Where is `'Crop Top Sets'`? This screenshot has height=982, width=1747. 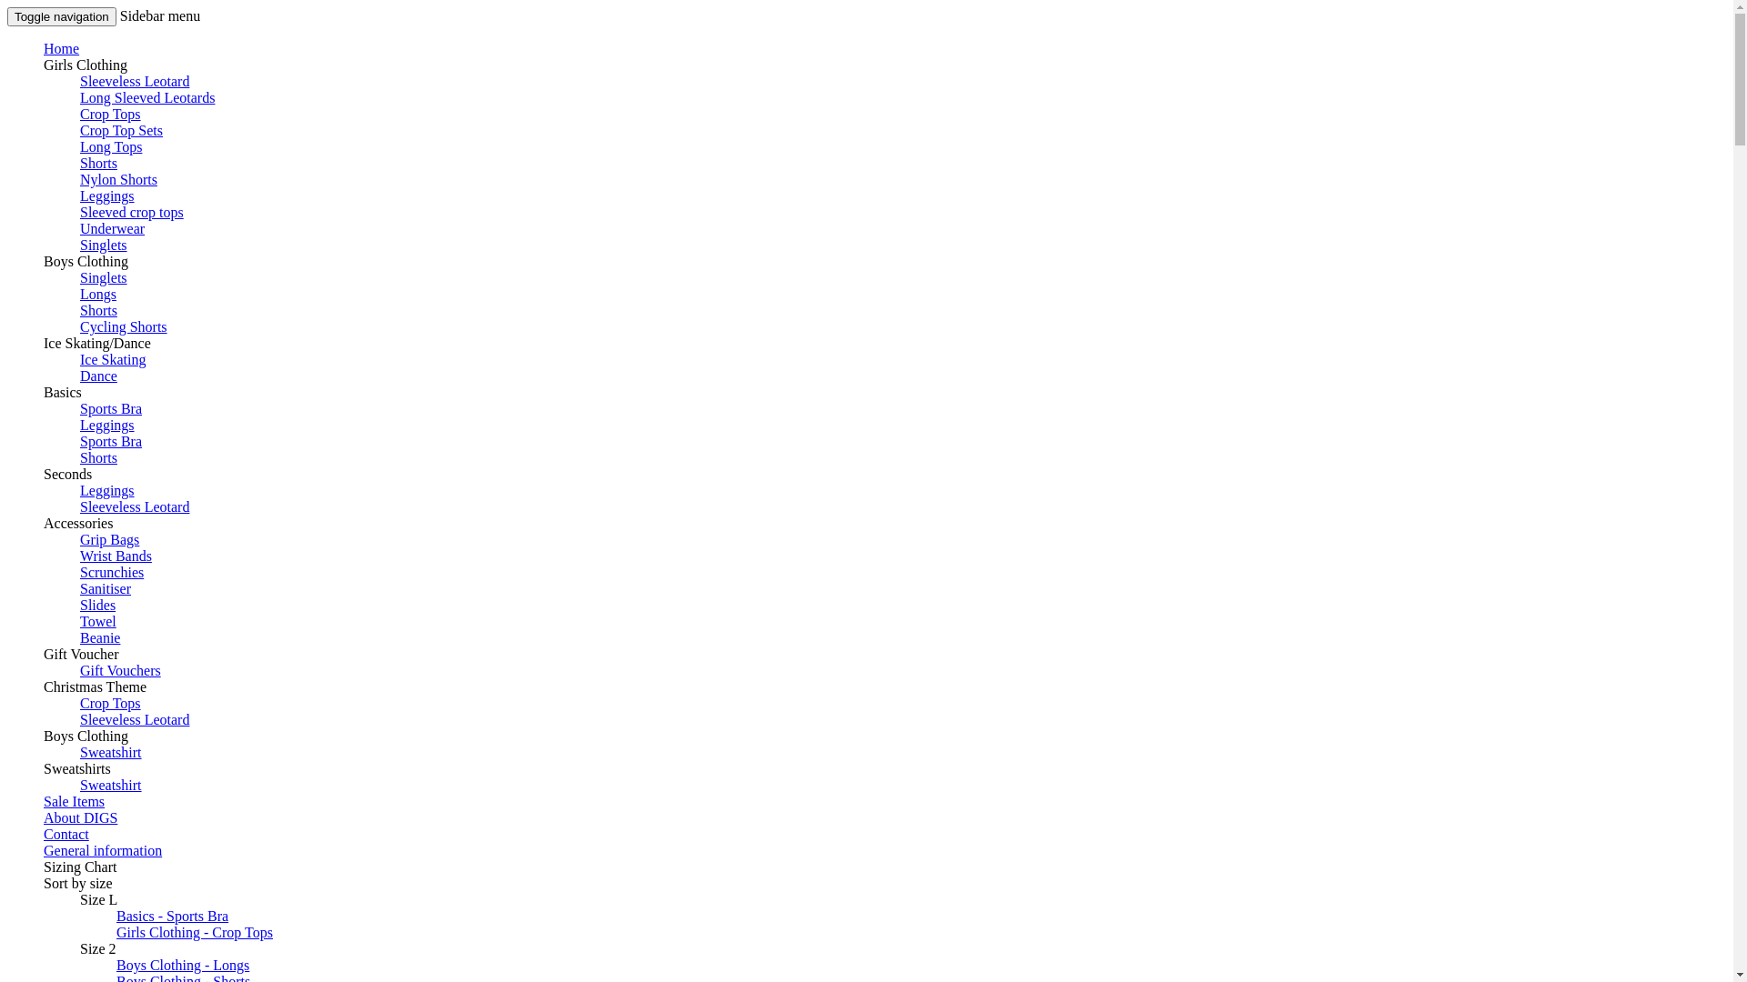 'Crop Top Sets' is located at coordinates (120, 129).